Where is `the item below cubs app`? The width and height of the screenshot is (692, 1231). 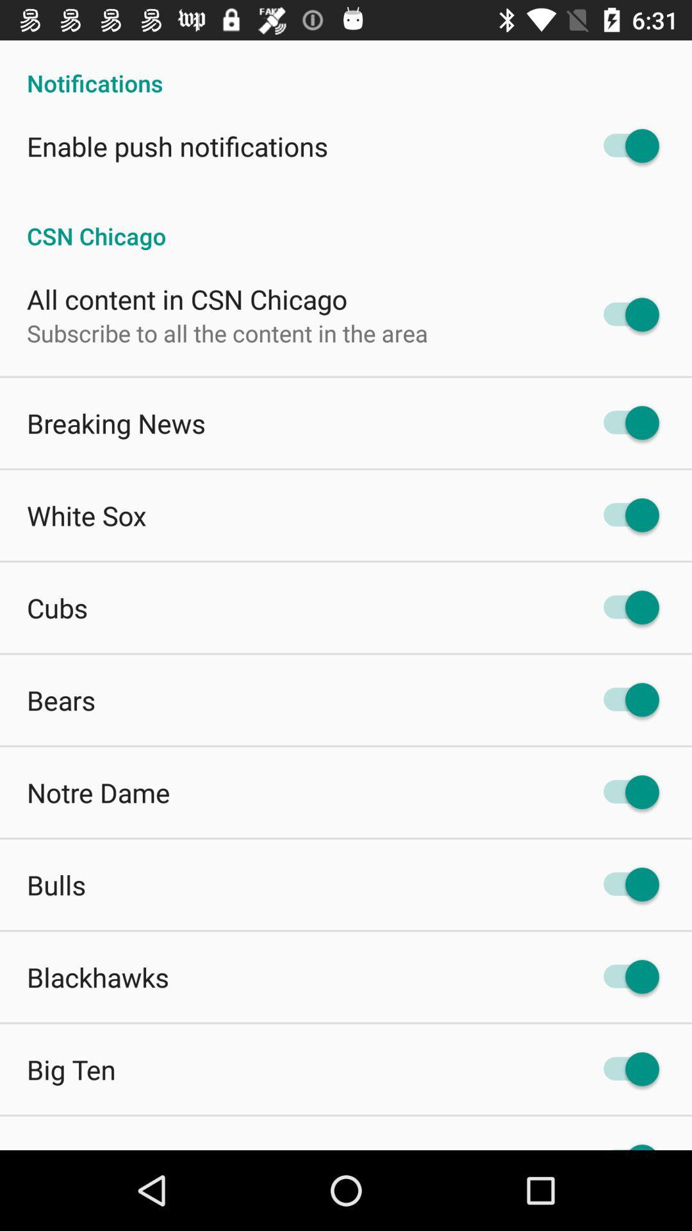 the item below cubs app is located at coordinates (61, 699).